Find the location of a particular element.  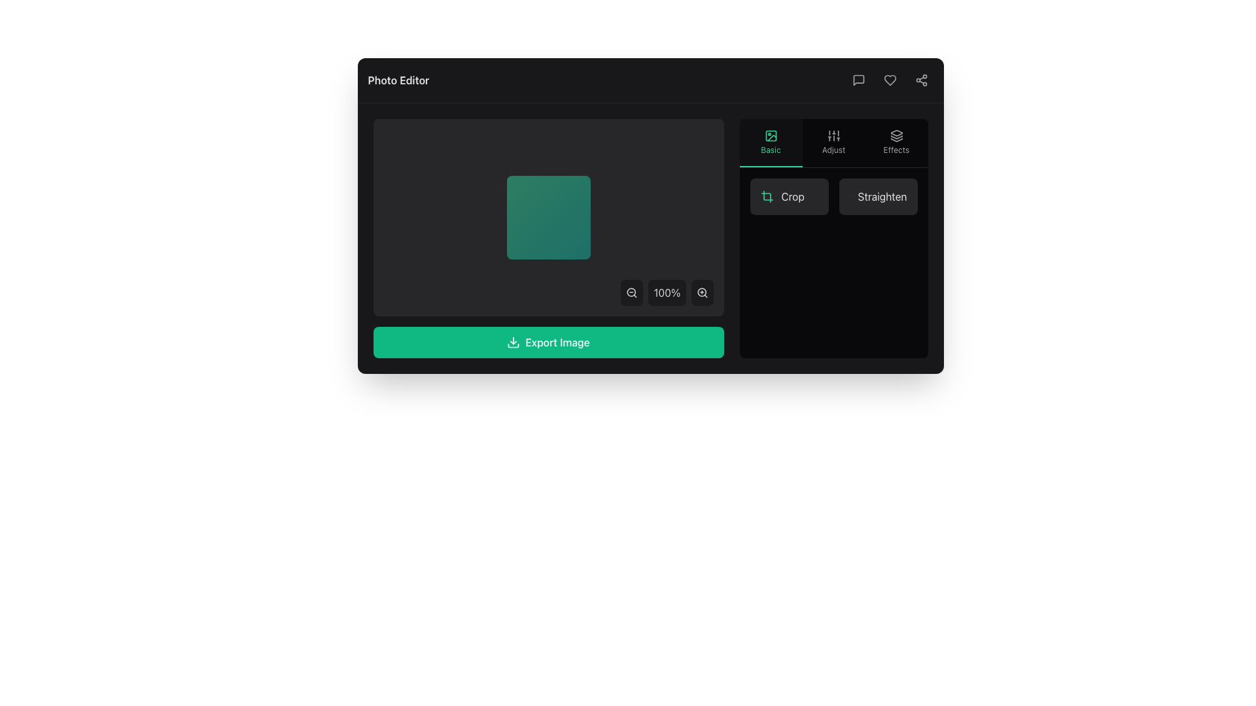

the share icon located in the top-right corner of the application interface is located at coordinates (920, 80).